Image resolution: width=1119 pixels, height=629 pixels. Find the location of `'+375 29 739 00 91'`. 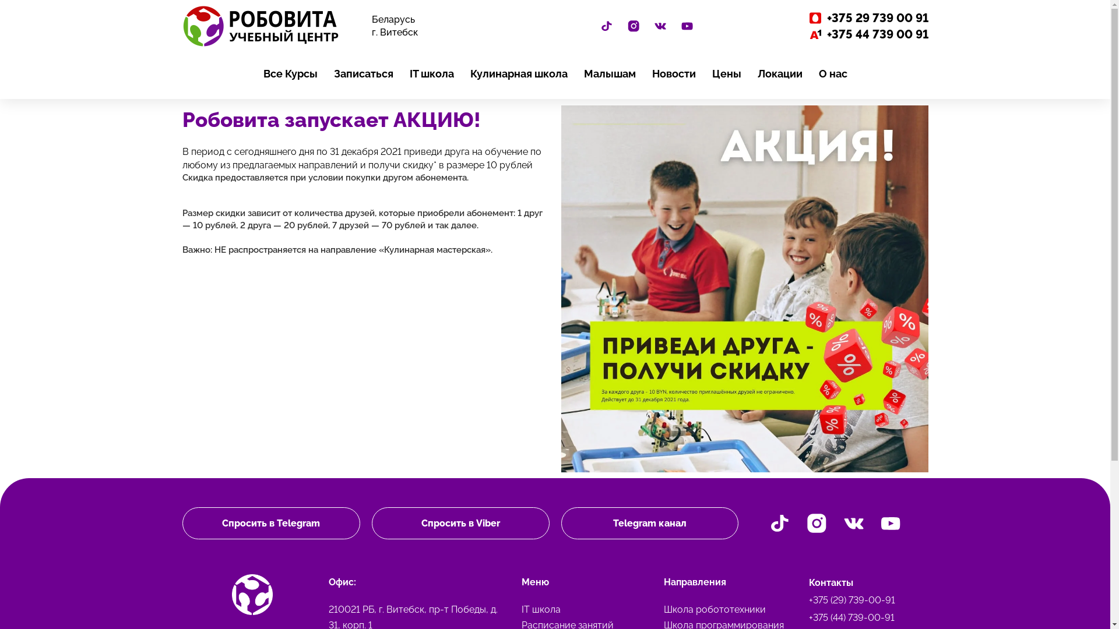

'+375 29 739 00 91' is located at coordinates (839, 17).